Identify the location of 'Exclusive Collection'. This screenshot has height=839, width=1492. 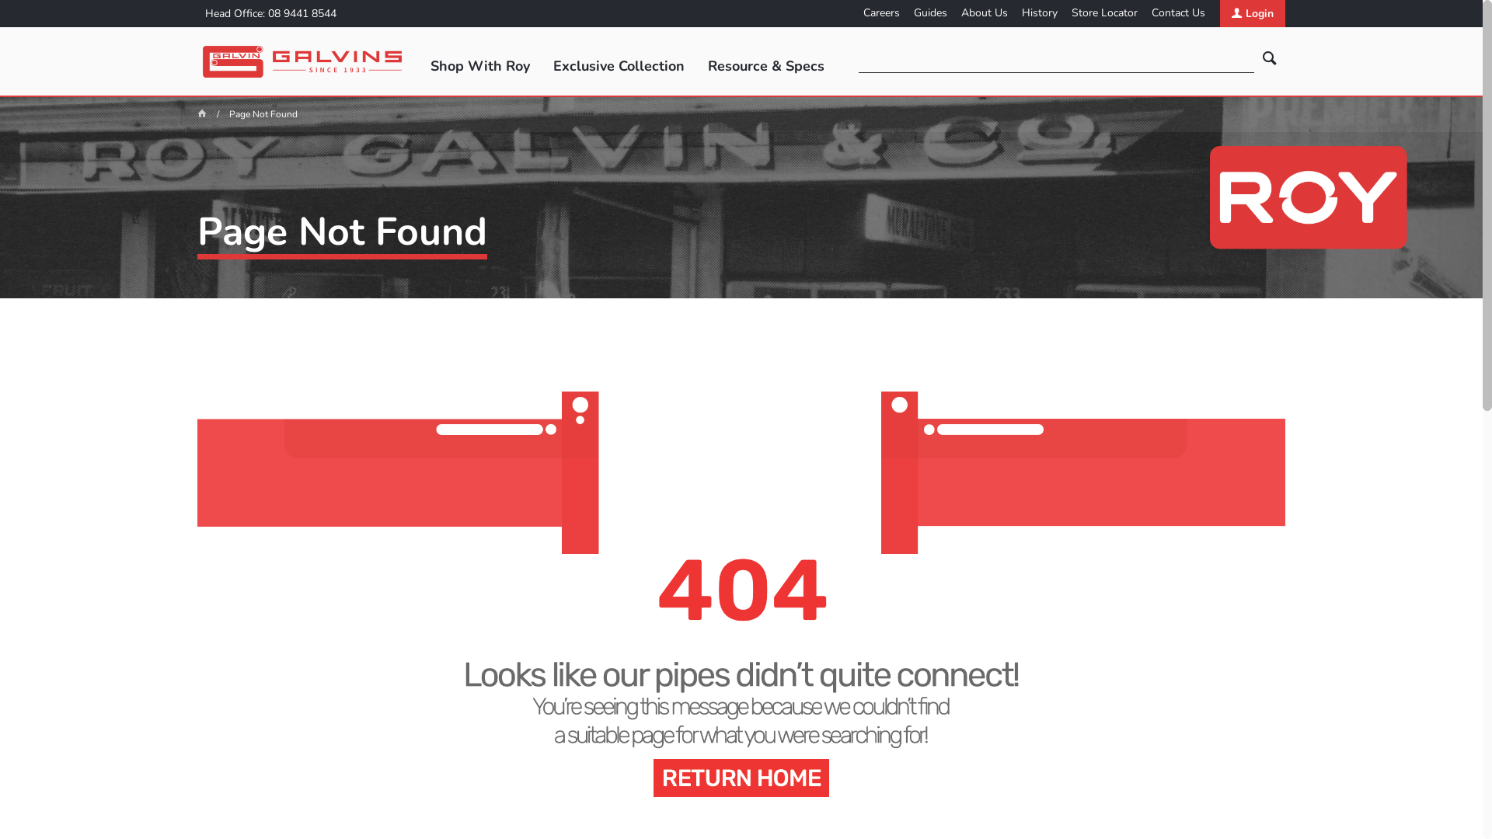
(618, 65).